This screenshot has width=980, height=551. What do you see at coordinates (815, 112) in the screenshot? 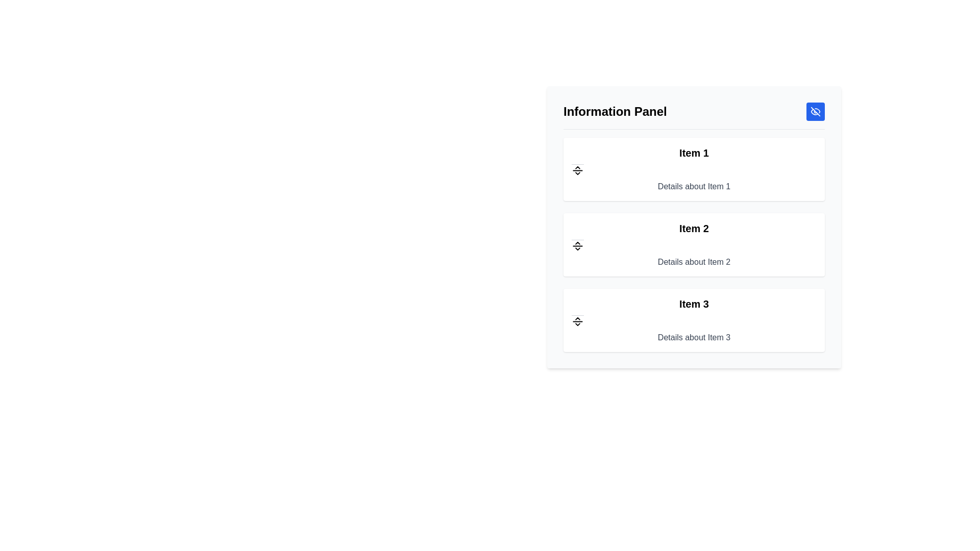
I see `the icon located at the top right corner of the 'Information Panel' button with a blue background and rounded edges` at bounding box center [815, 112].